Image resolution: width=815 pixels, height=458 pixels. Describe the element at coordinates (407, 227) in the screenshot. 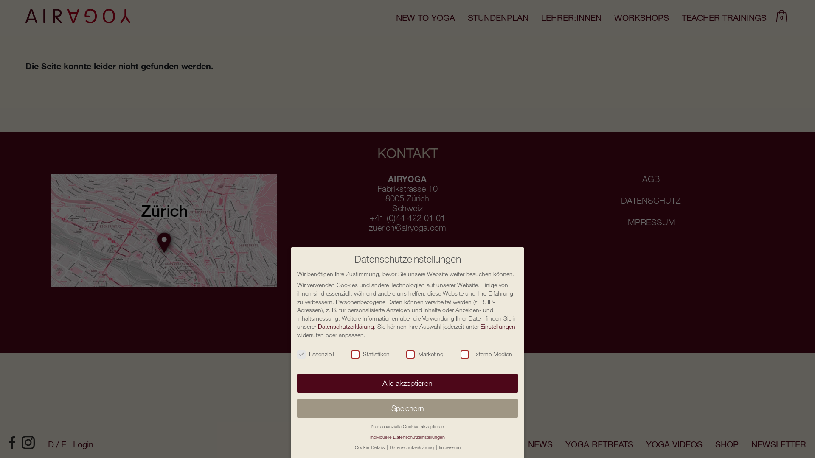

I see `'zuerich@airyoga.com'` at that location.